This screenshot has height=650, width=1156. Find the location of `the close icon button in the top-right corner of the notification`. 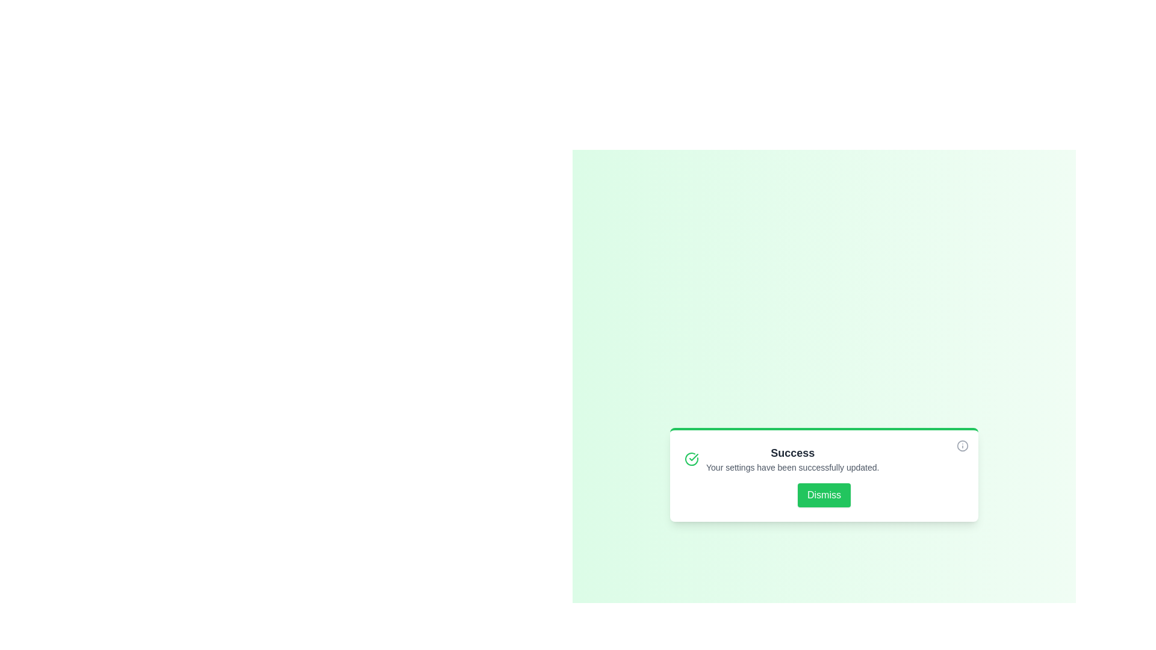

the close icon button in the top-right corner of the notification is located at coordinates (962, 445).